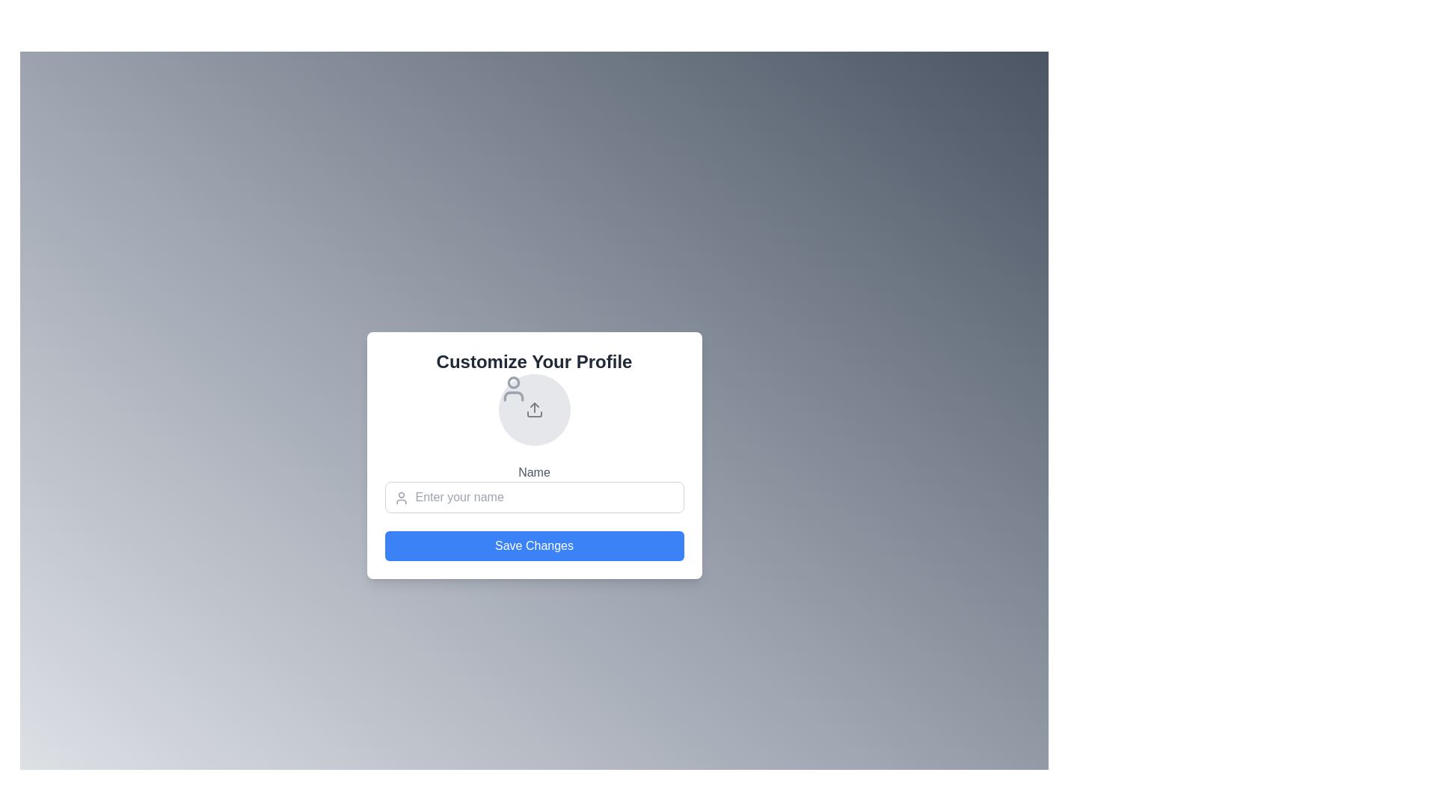  Describe the element at coordinates (513, 388) in the screenshot. I see `the user's profile picture icon located in the 'Customize Your Profile' dialog box, positioned slightly above and to the left of the upload arrow icon` at that location.